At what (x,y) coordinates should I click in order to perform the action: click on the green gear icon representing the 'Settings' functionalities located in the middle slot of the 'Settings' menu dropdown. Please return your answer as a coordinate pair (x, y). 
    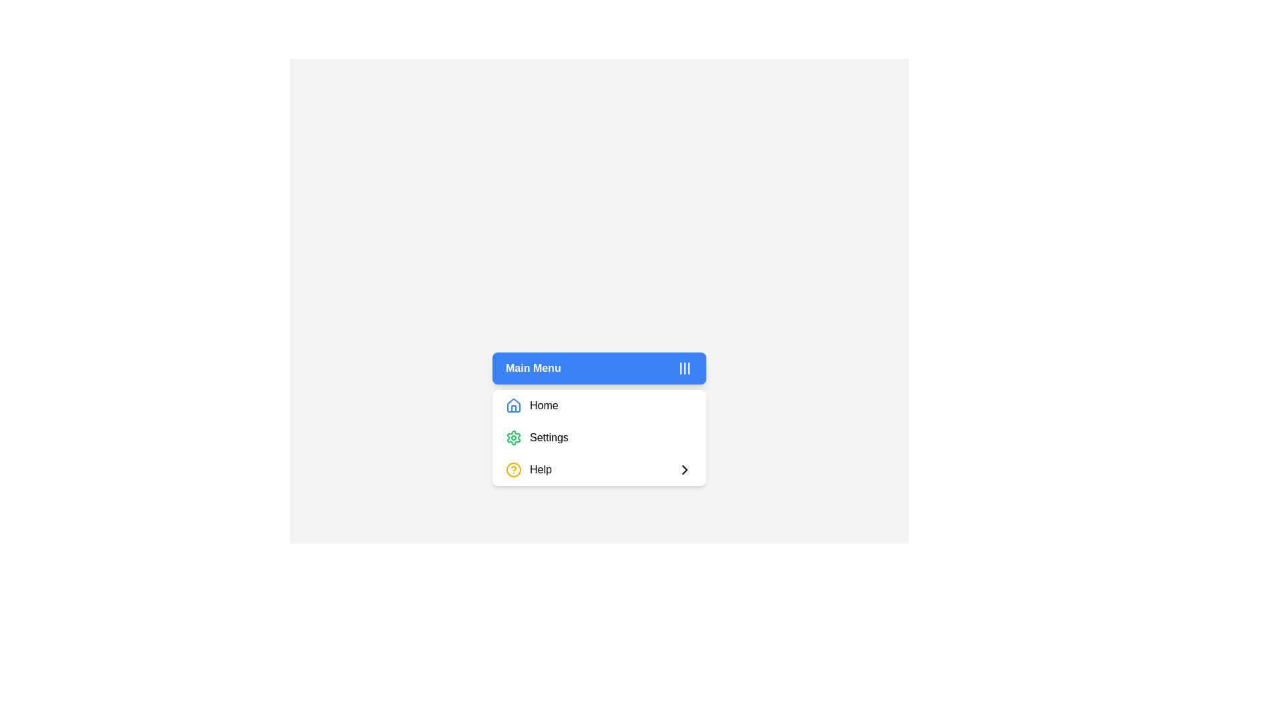
    Looking at the image, I should click on (513, 437).